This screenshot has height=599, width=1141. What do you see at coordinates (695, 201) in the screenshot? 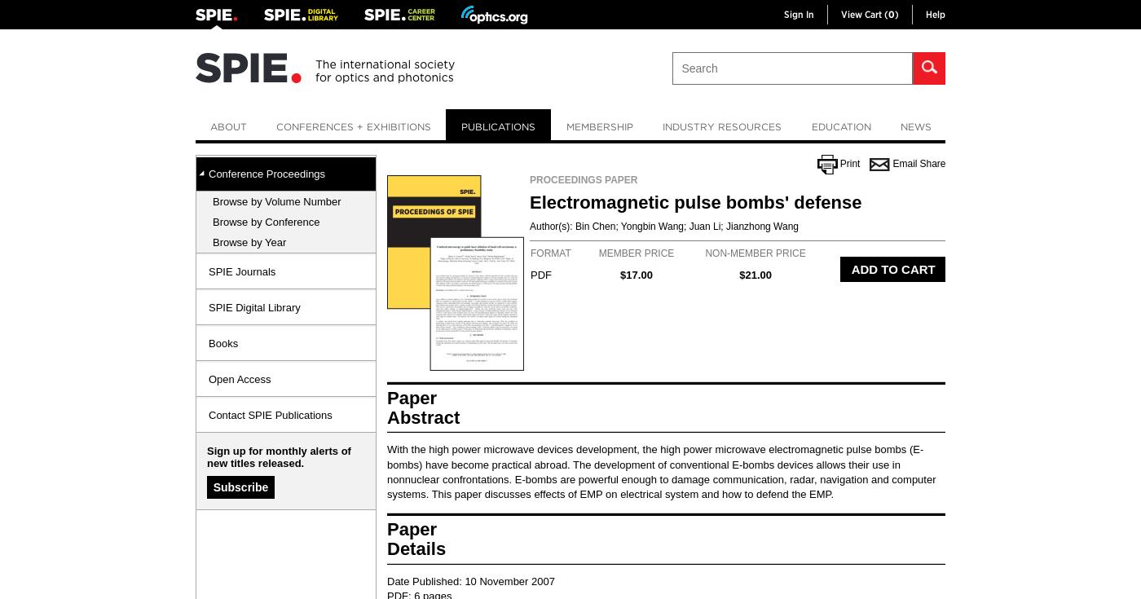
I see `'Electromagnetic pulse bombs' defense'` at bounding box center [695, 201].